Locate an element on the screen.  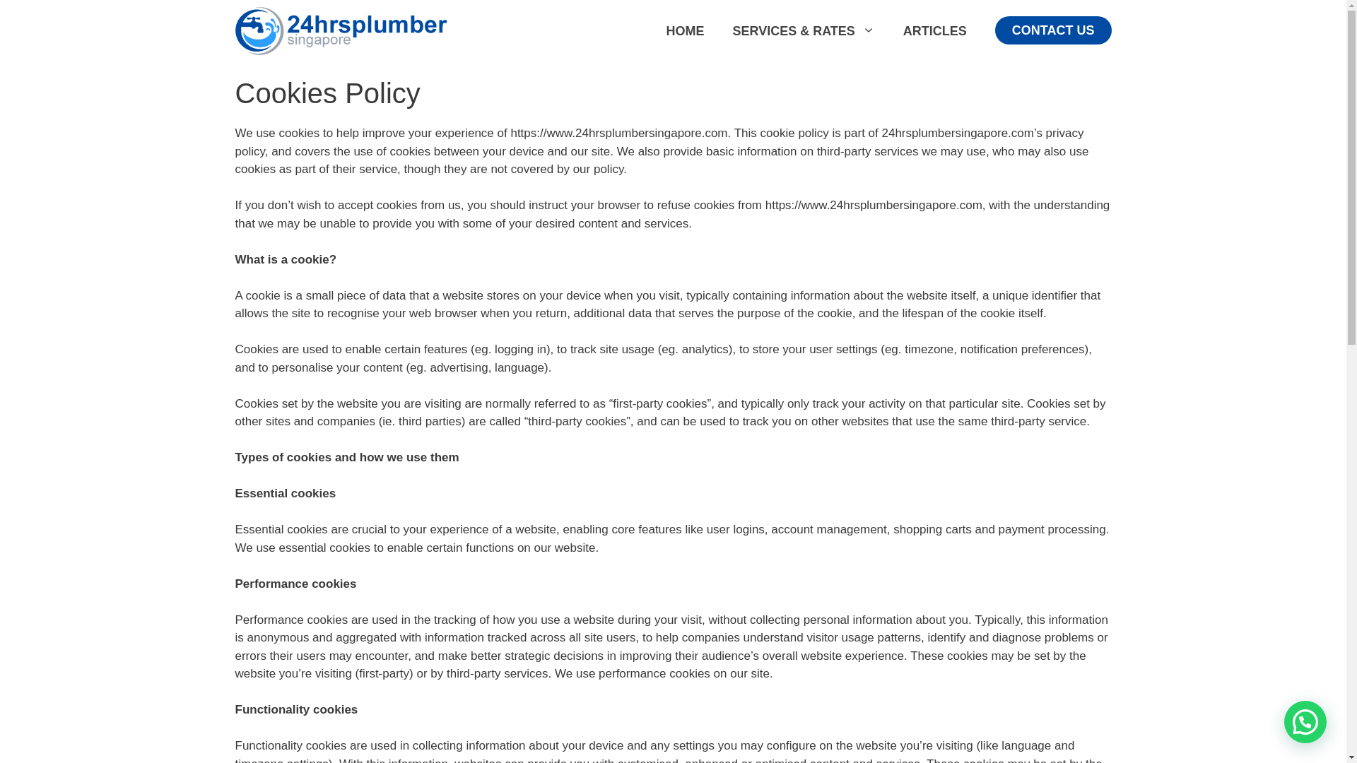
'CONTACT US' is located at coordinates (1053, 30).